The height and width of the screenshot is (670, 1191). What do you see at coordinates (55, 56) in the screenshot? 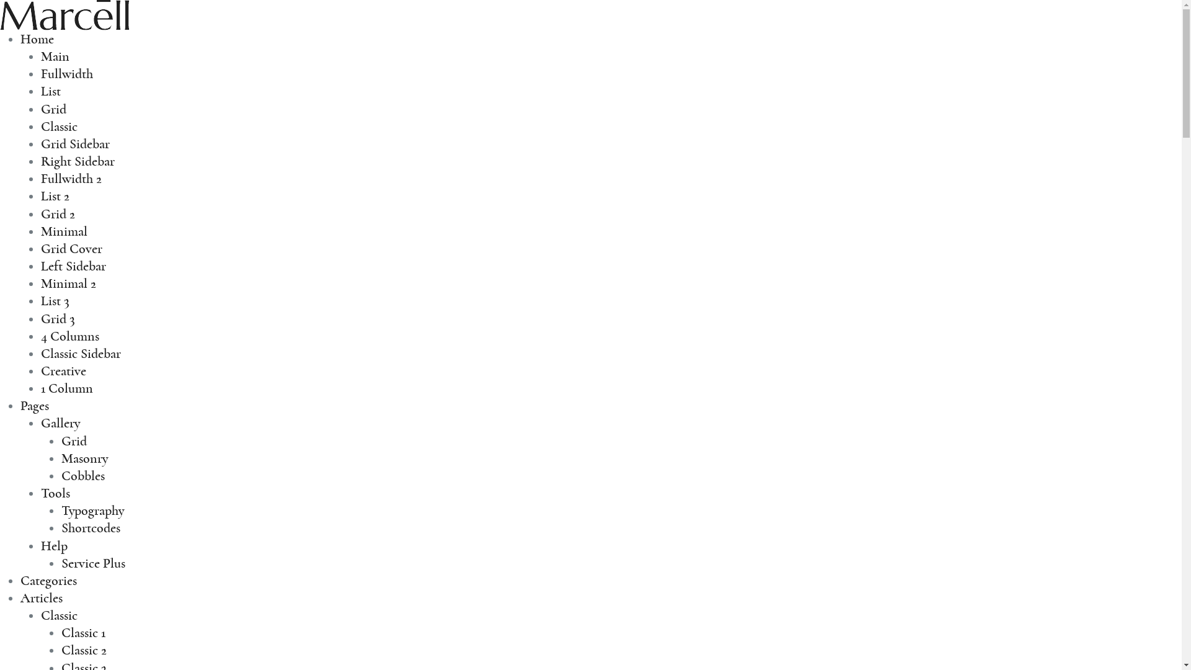
I see `'Main'` at bounding box center [55, 56].